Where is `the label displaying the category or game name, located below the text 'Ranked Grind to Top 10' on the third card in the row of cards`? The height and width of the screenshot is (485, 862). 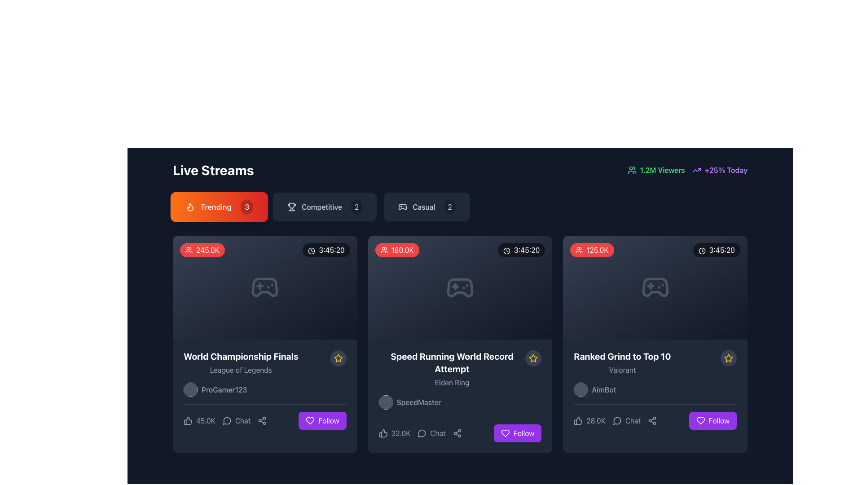 the label displaying the category or game name, located below the text 'Ranked Grind to Top 10' on the third card in the row of cards is located at coordinates (622, 370).